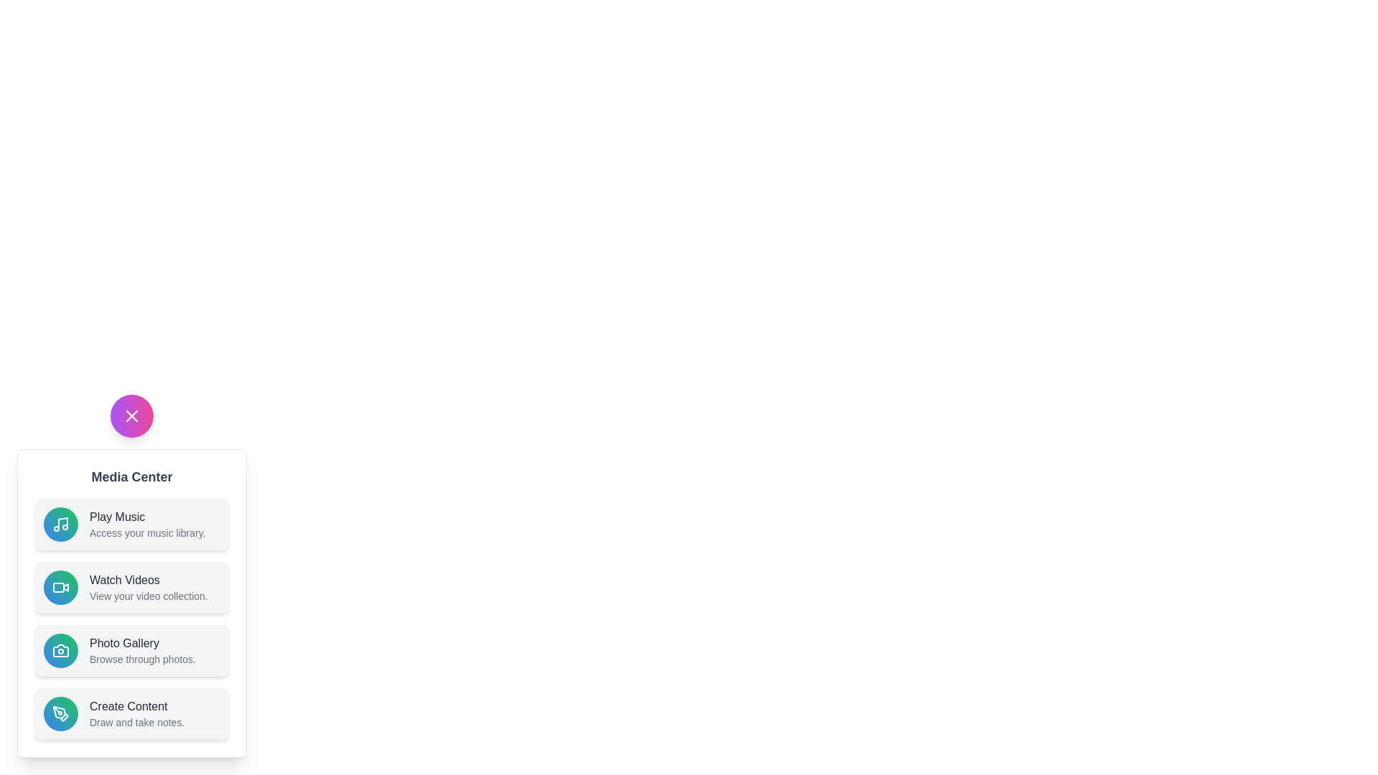 The image size is (1378, 775). Describe the element at coordinates (131, 525) in the screenshot. I see `the 'Play Music' button to access the music library` at that location.